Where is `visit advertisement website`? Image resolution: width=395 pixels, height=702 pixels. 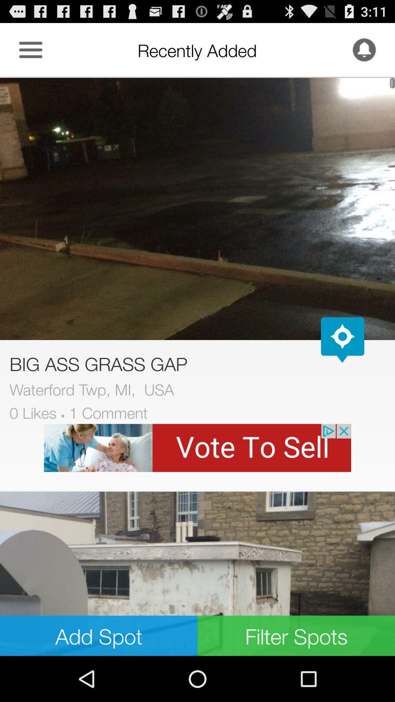
visit advertisement website is located at coordinates (197, 448).